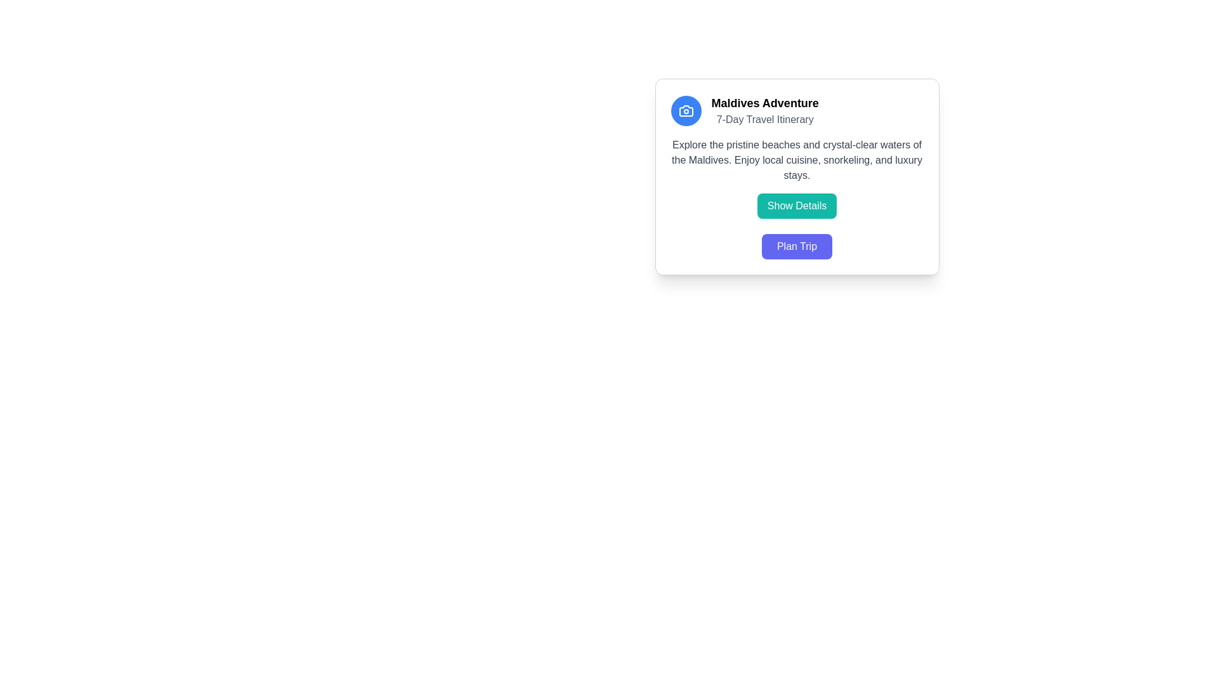 This screenshot has height=685, width=1218. Describe the element at coordinates (796, 247) in the screenshot. I see `the button located at the bottom of the 'Maldives Adventure' itinerary card to initiate the trip planning process` at that location.